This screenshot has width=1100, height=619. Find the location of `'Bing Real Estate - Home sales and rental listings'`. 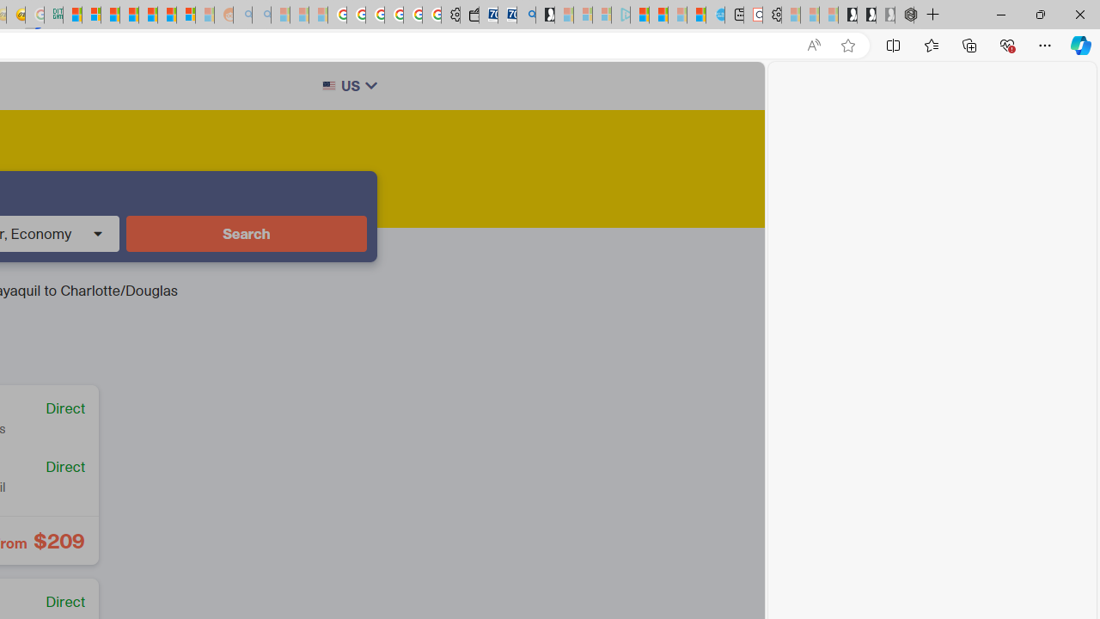

'Bing Real Estate - Home sales and rental listings' is located at coordinates (525, 15).